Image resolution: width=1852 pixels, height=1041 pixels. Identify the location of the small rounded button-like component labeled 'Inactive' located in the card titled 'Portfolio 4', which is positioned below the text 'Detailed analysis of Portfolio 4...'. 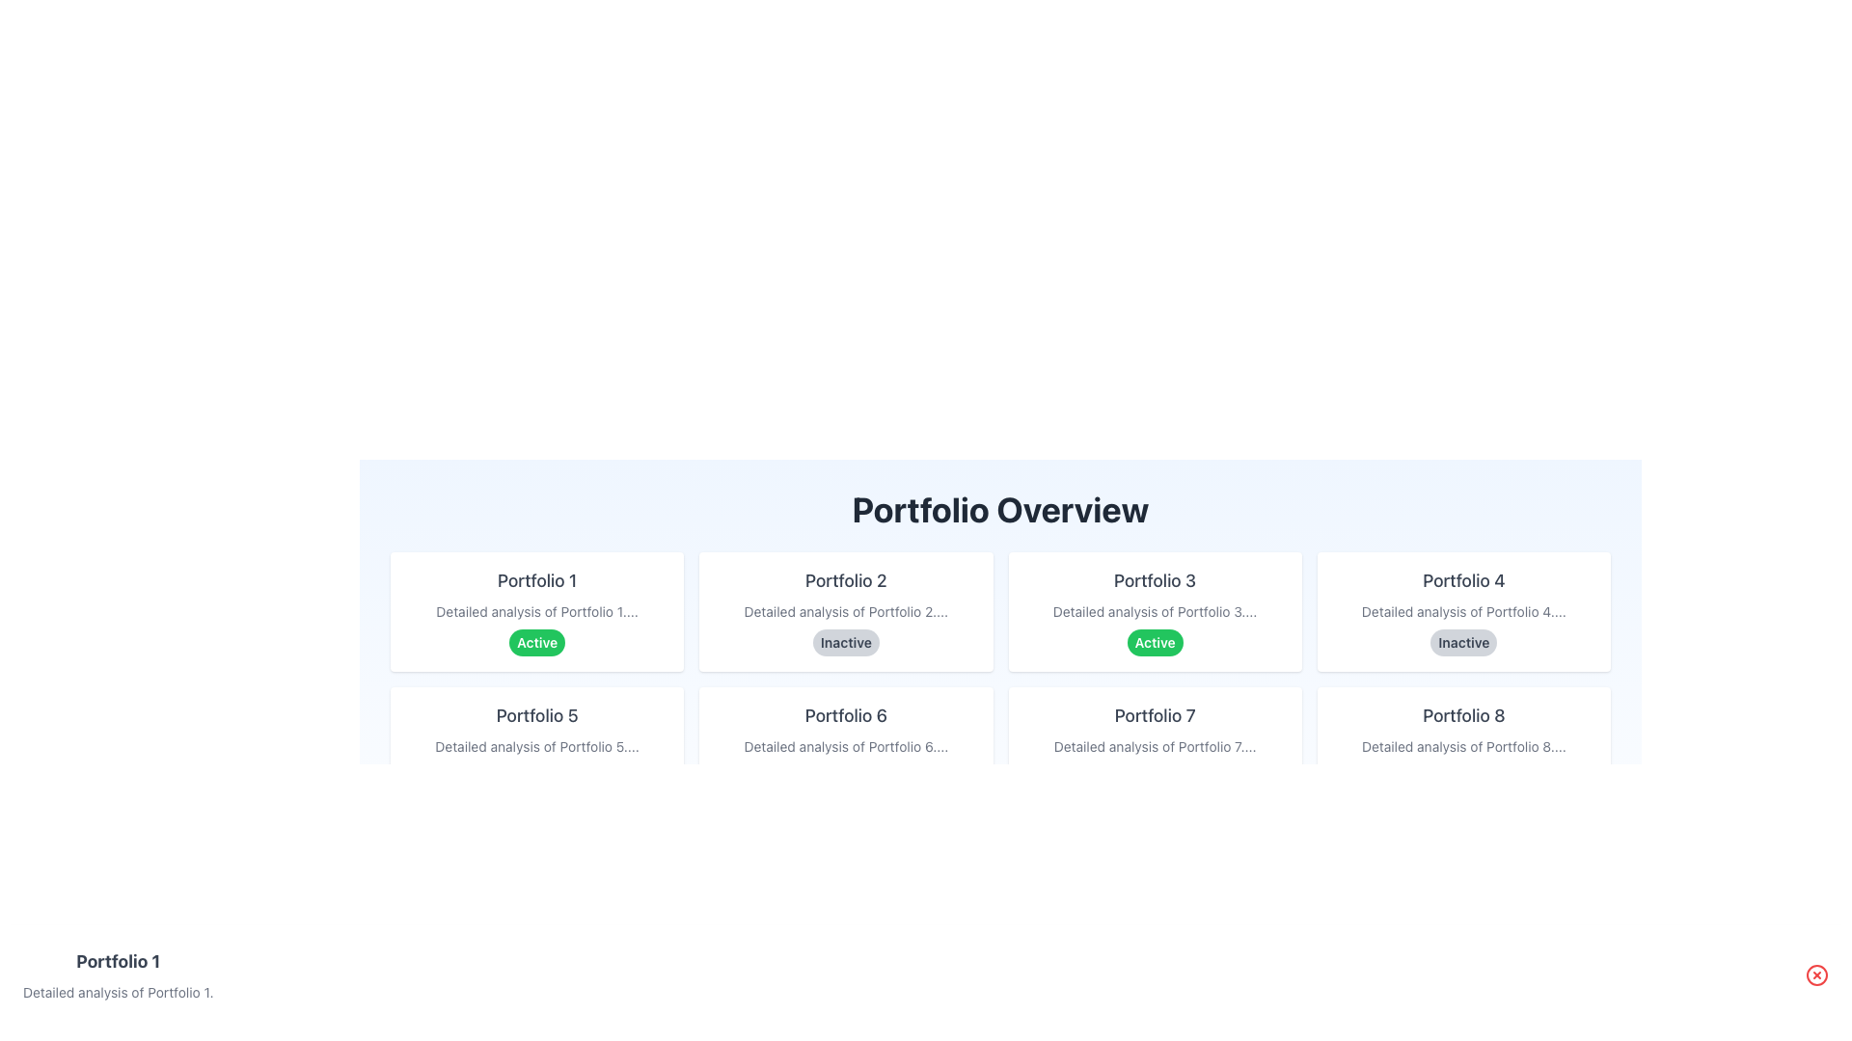
(1463, 643).